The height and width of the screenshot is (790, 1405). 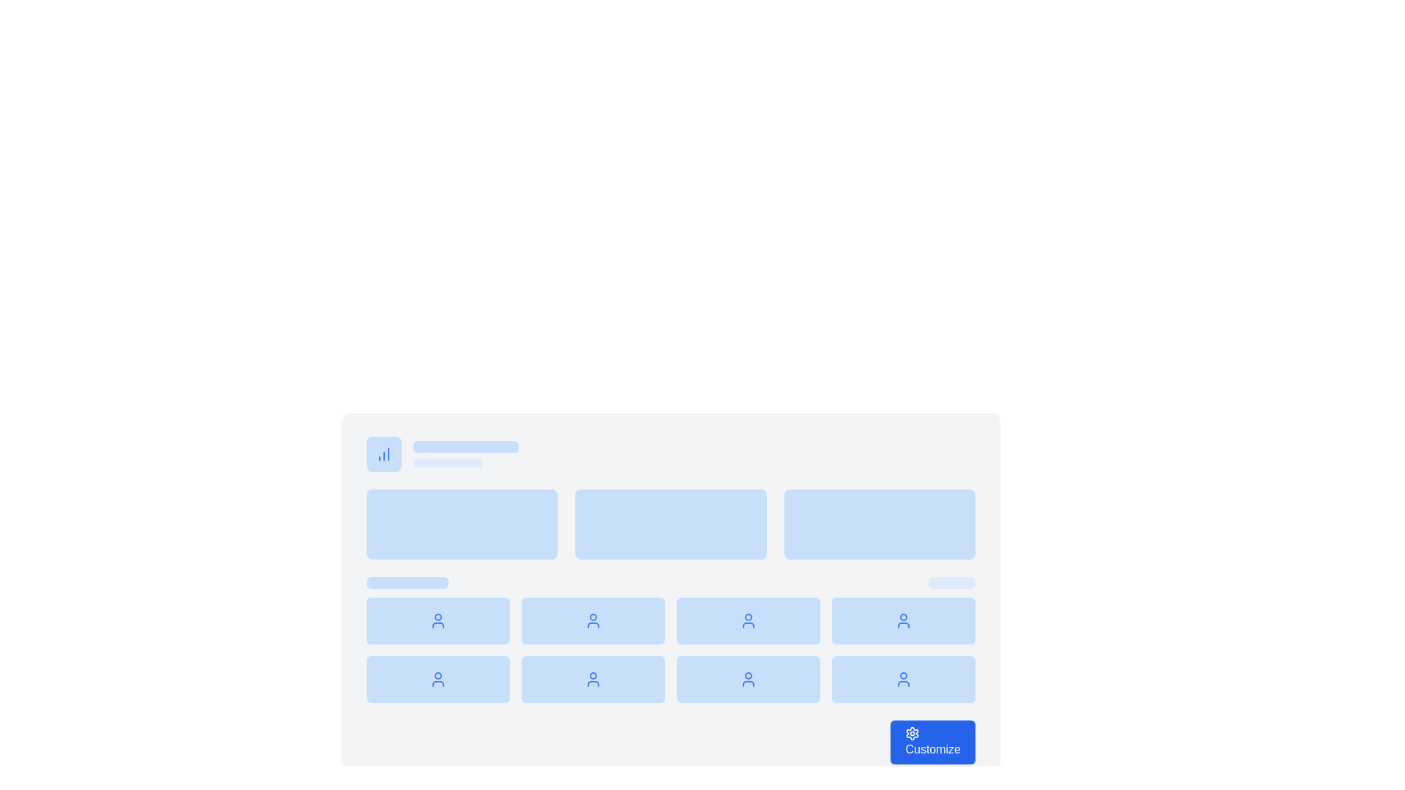 What do you see at coordinates (593, 620) in the screenshot?
I see `the user icon resembling a human outline with a circular head and semi-circular torso, styled in blue, located in the bottom center of the interface` at bounding box center [593, 620].